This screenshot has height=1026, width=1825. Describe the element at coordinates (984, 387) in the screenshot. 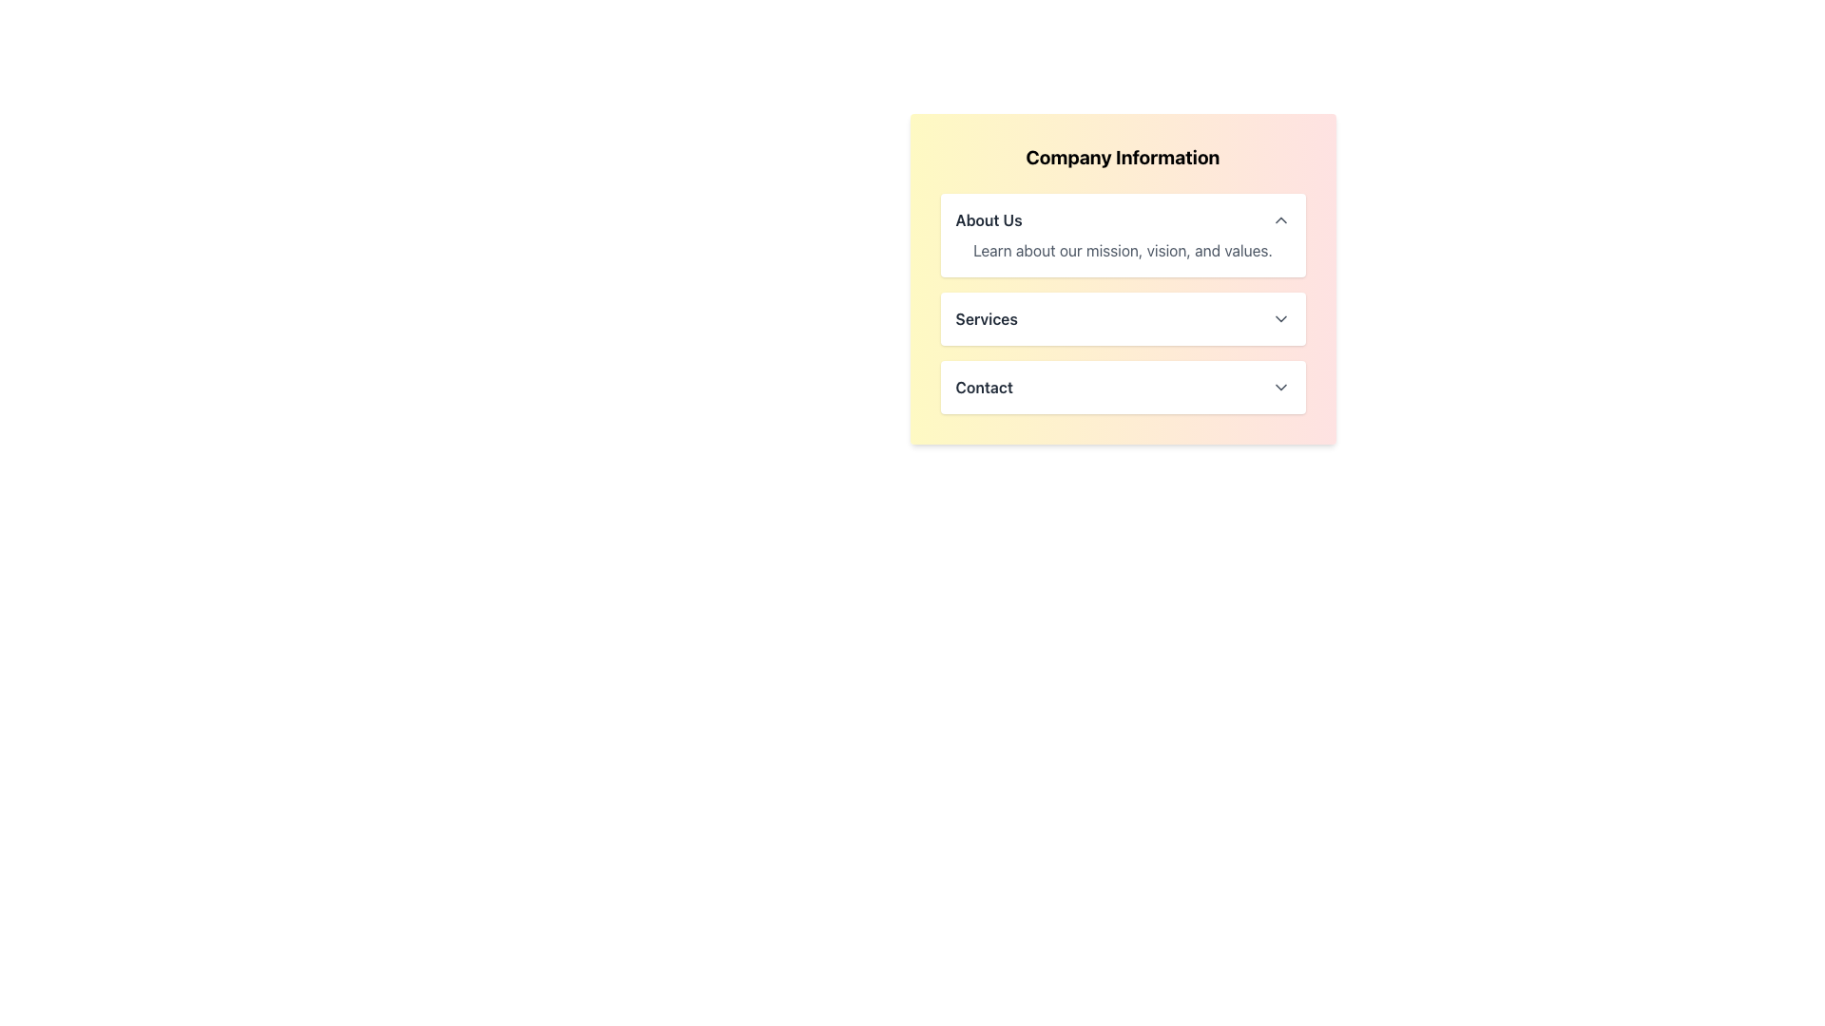

I see `text label that says 'Contact', which is bold and dark gray, prominently displayed in the 'Company Information' section` at that location.